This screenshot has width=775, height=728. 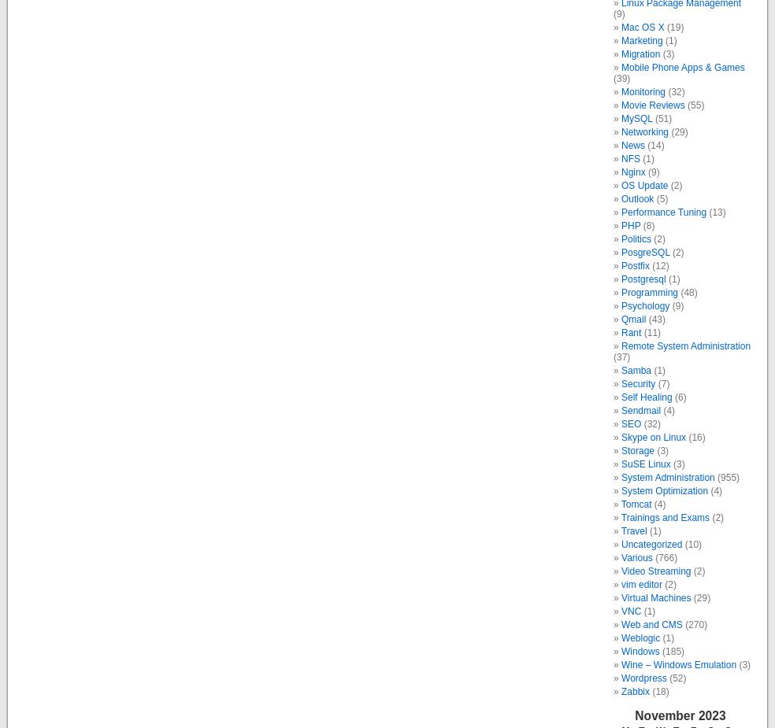 What do you see at coordinates (671, 651) in the screenshot?
I see `'(185)'` at bounding box center [671, 651].